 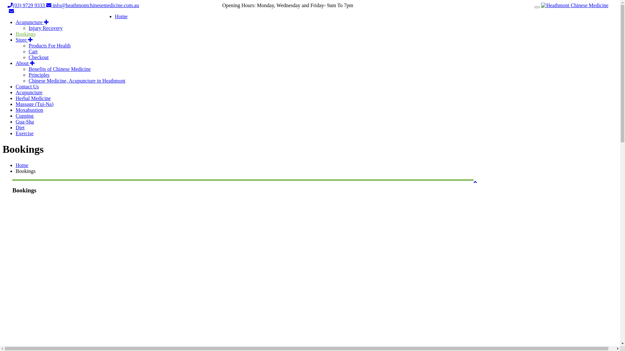 I want to click on 'Cupping', so click(x=24, y=115).